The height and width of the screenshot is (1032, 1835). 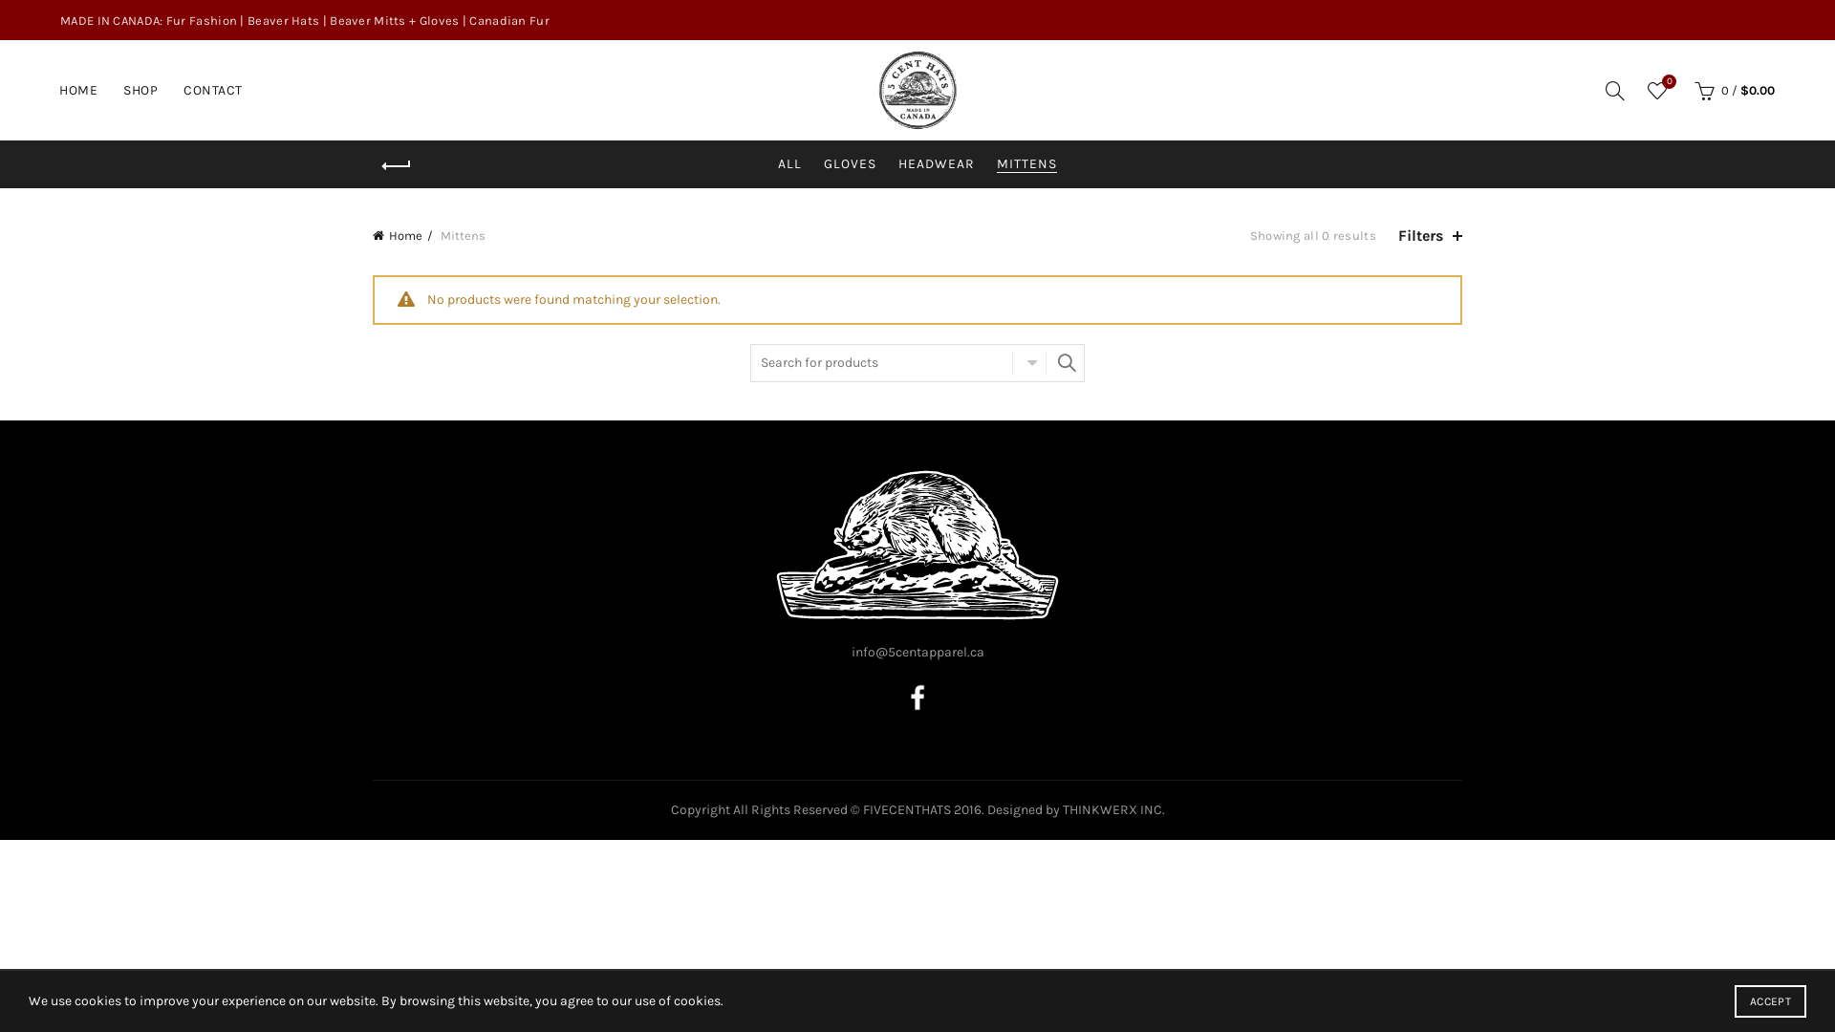 What do you see at coordinates (395, 164) in the screenshot?
I see `'Back'` at bounding box center [395, 164].